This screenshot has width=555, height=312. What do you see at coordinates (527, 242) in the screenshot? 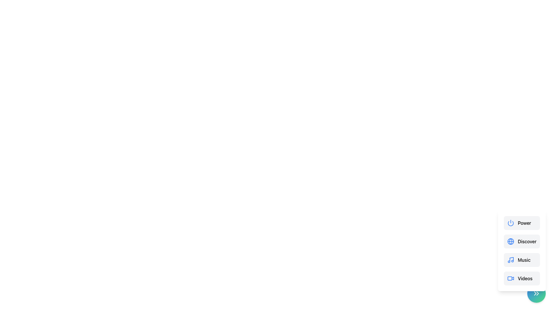
I see `the 'Discover' text label element, which is styled with a medium-weight font and is positioned towards the right-hand side of a horizontal group that includes a globe icon` at bounding box center [527, 242].